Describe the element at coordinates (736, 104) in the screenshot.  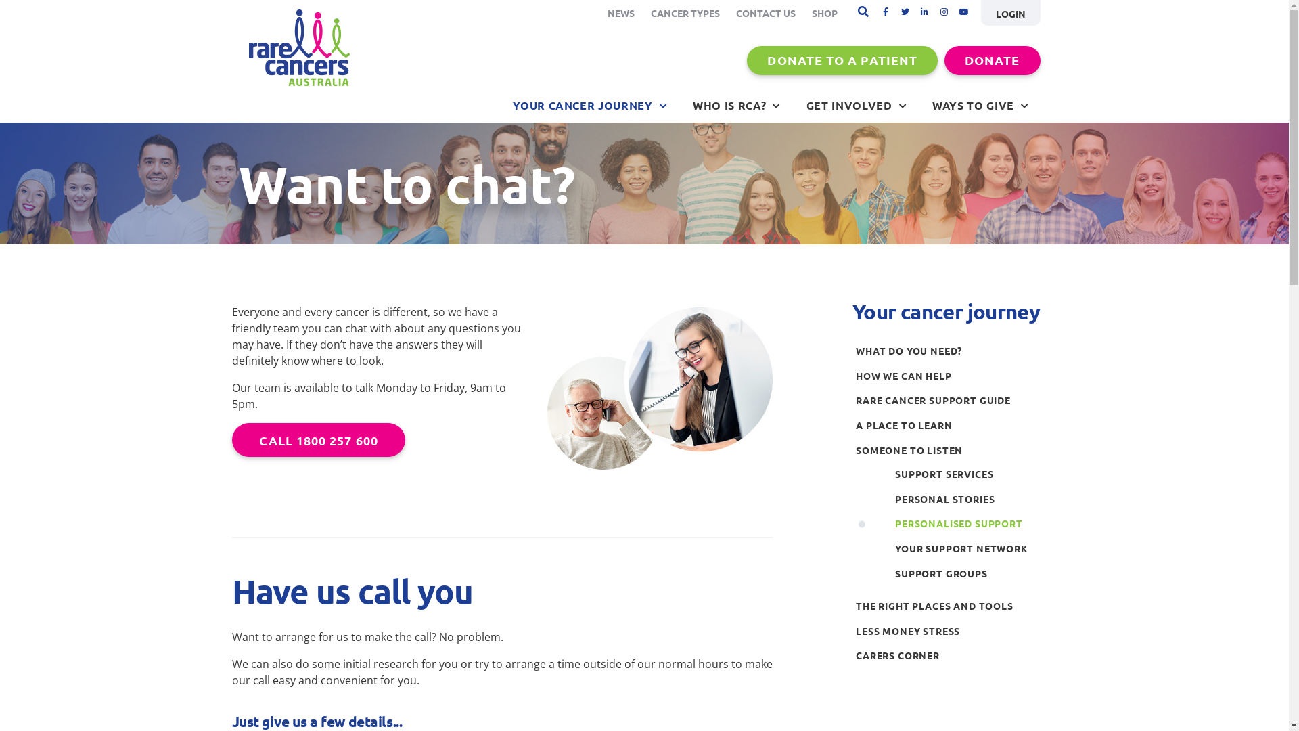
I see `'WHO IS RCA?'` at that location.